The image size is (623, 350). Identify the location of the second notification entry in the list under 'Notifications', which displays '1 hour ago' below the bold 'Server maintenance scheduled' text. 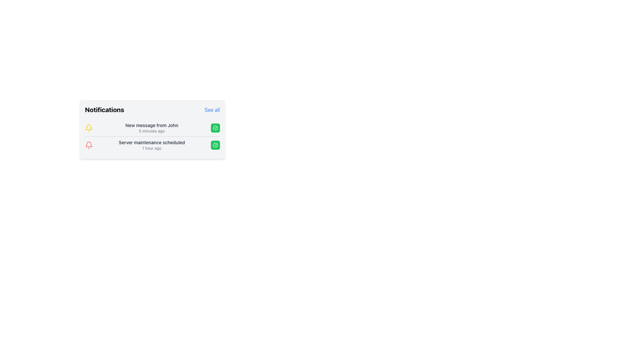
(151, 145).